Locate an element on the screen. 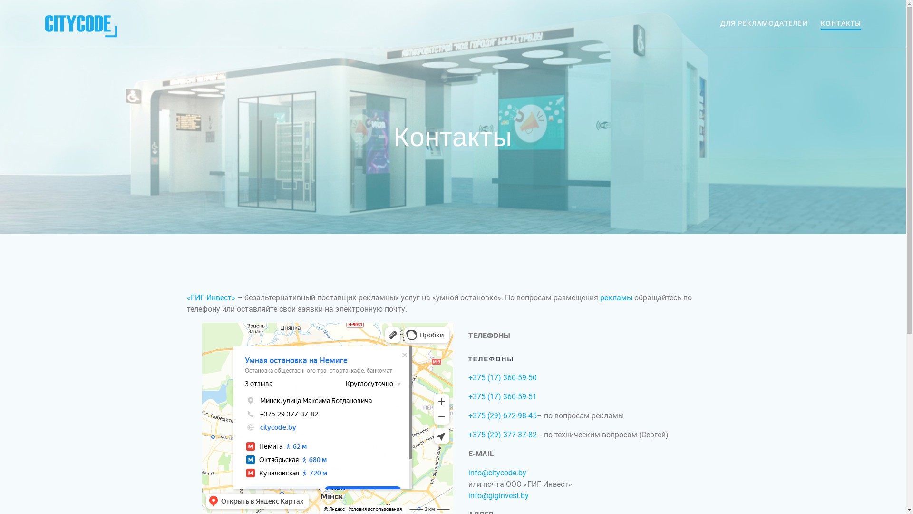 This screenshot has height=514, width=913. '+375 (17) 360-59-51' is located at coordinates (502, 396).